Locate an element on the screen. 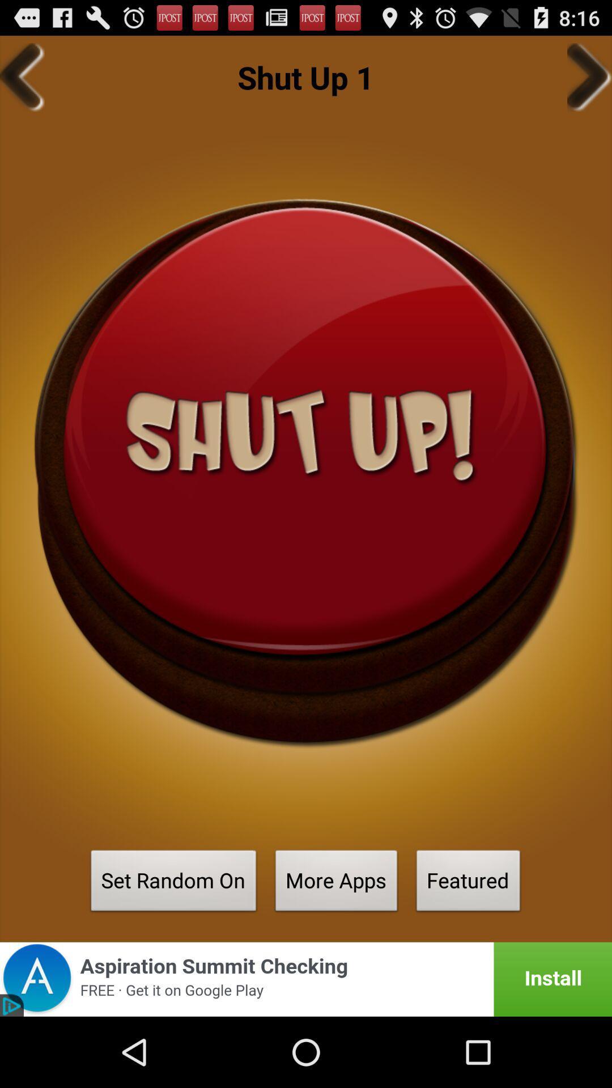 The image size is (612, 1088). previous button is located at coordinates (22, 76).